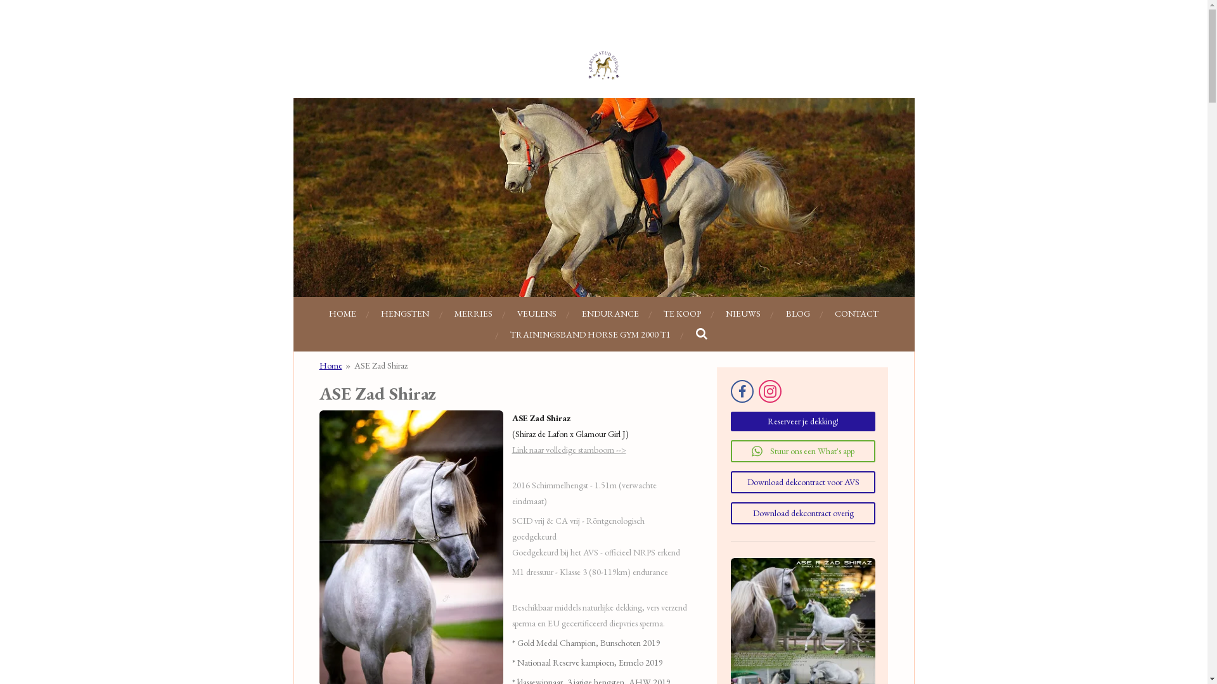 The image size is (1217, 684). Describe the element at coordinates (681, 313) in the screenshot. I see `'TE KOOP'` at that location.